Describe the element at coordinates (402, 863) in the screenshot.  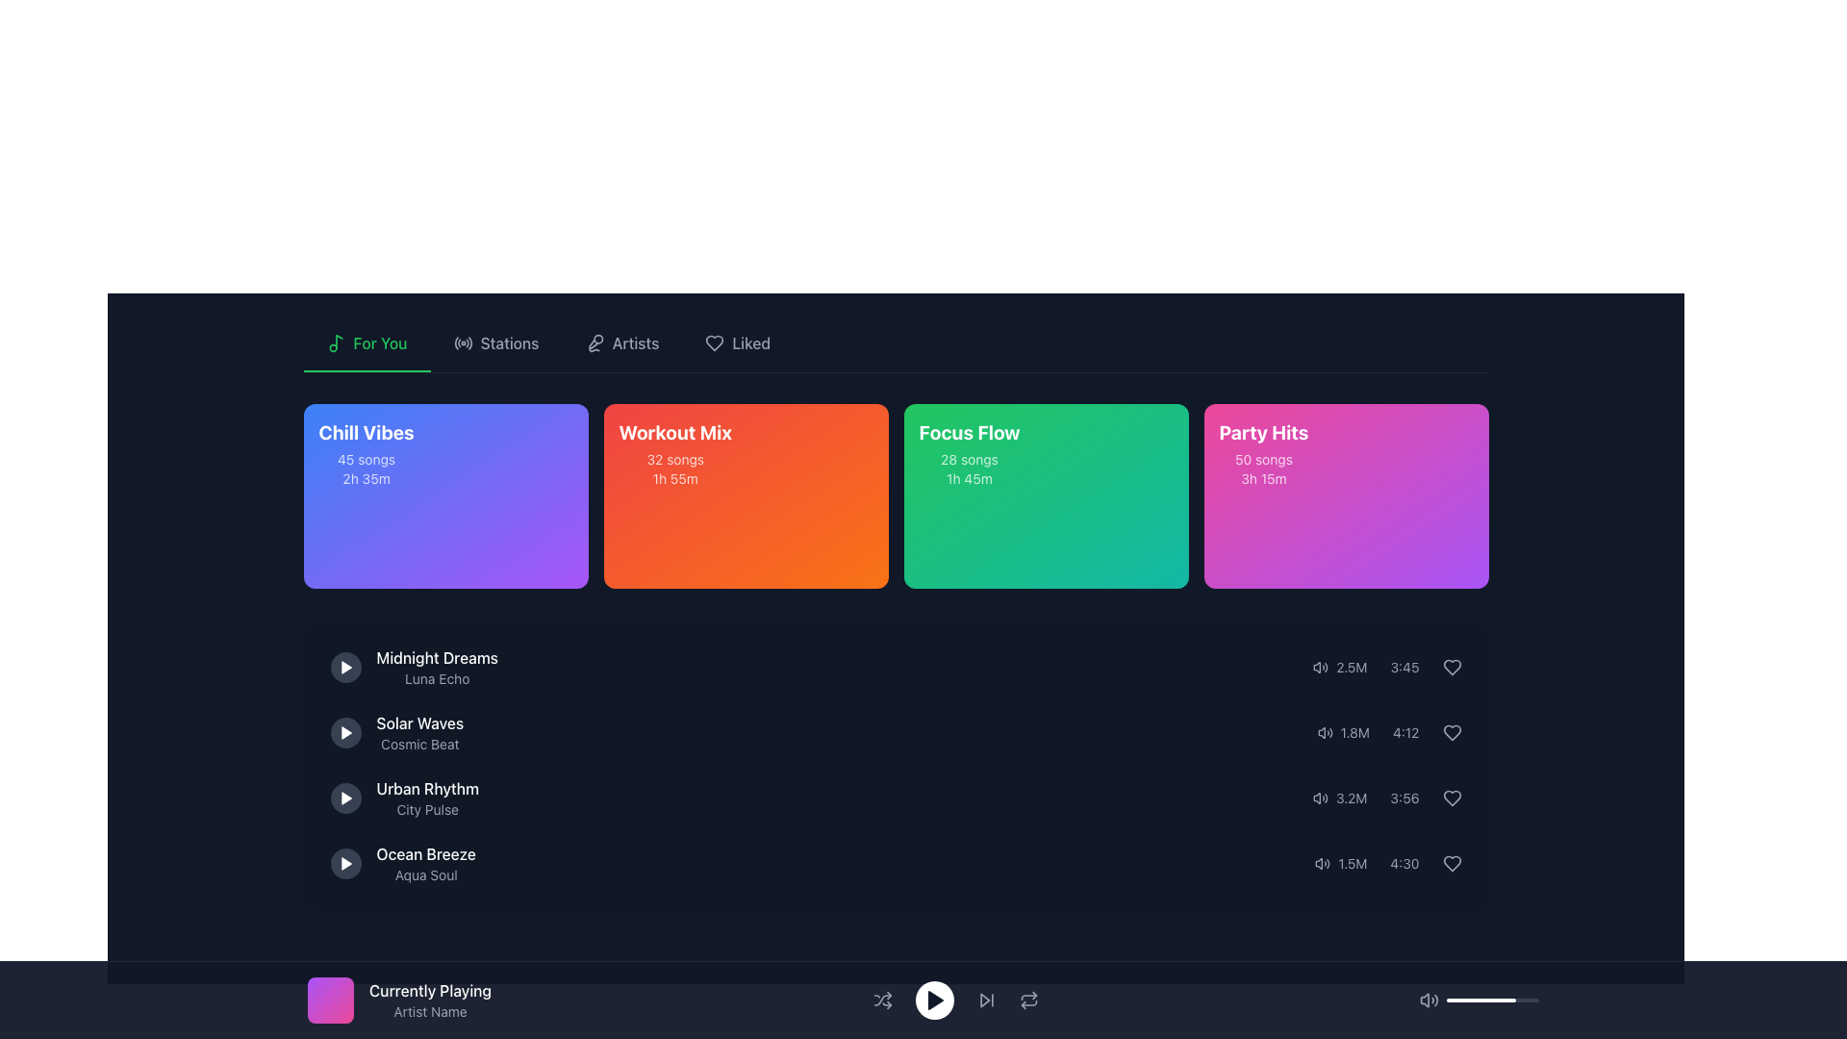
I see `the text label displaying 'Ocean Breeze' and 'Aqua Soul' located under the 'For You' section, which is the fourth item in the music track list` at that location.